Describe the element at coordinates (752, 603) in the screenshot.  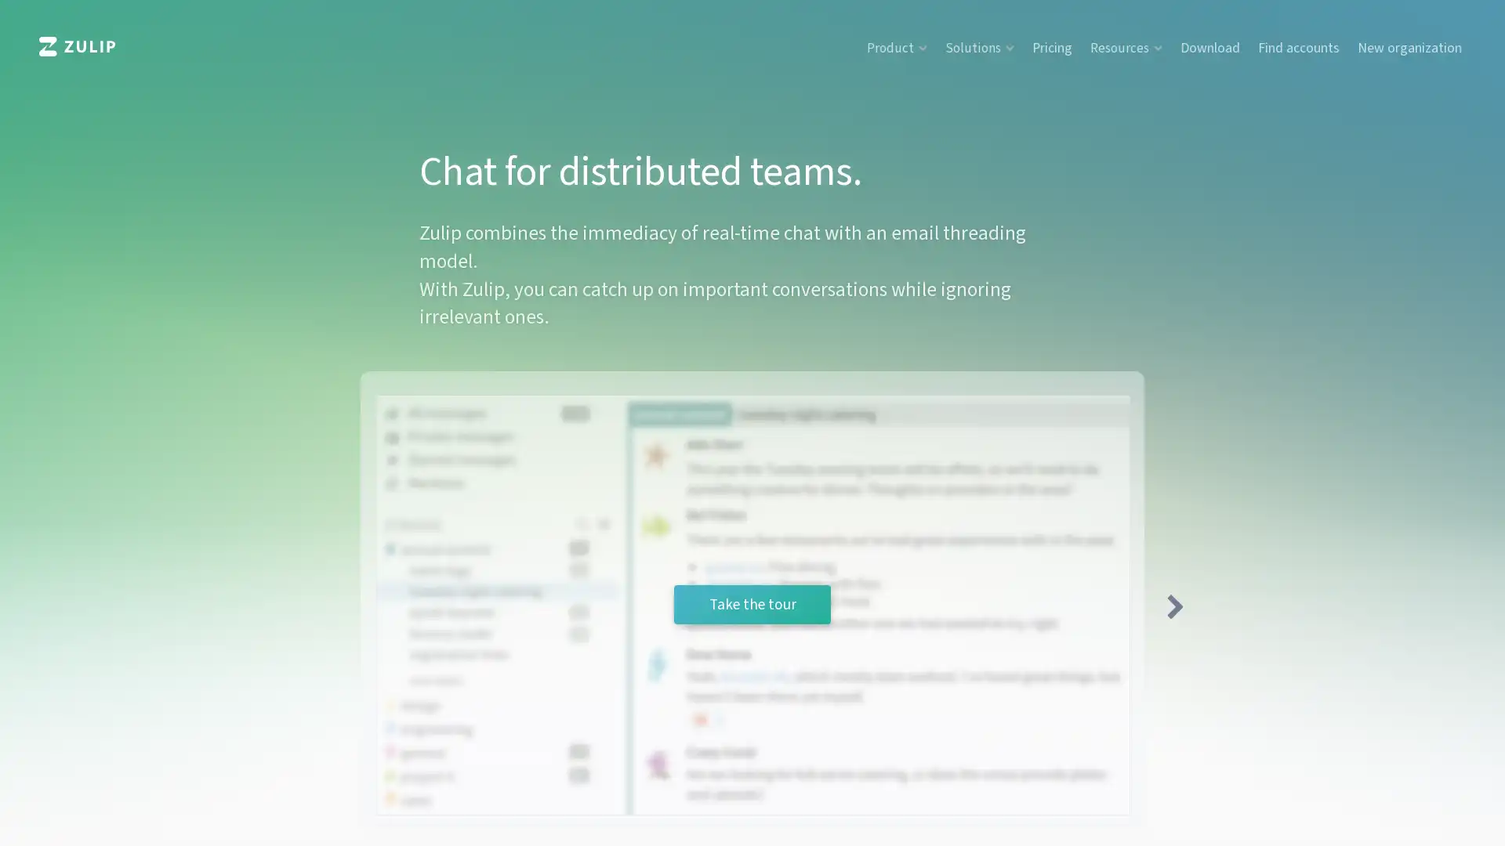
I see `Take the tour` at that location.